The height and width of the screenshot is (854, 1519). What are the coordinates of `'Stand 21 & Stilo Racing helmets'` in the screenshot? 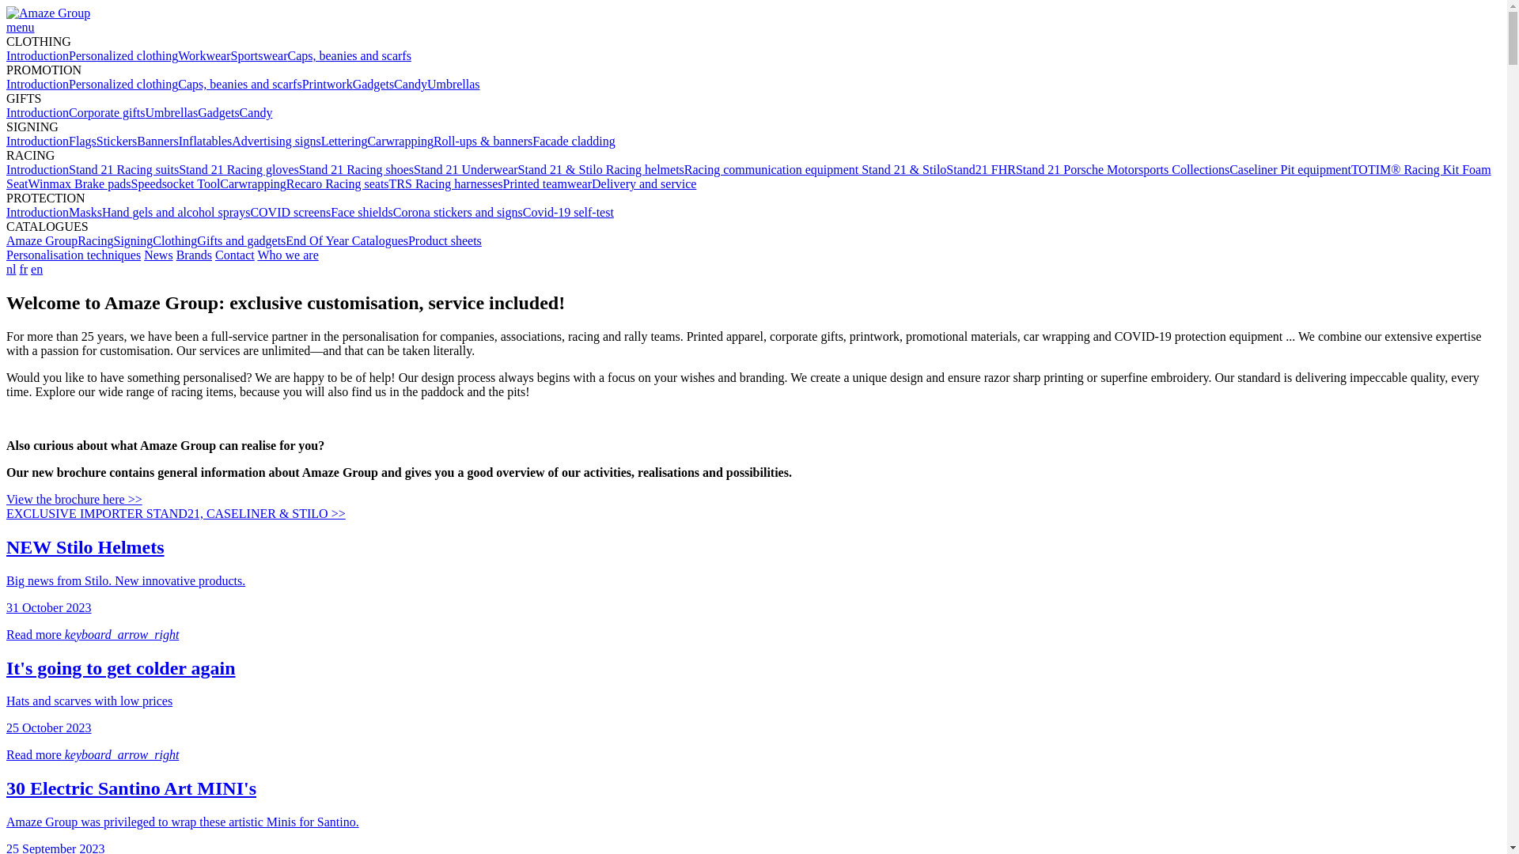 It's located at (517, 169).